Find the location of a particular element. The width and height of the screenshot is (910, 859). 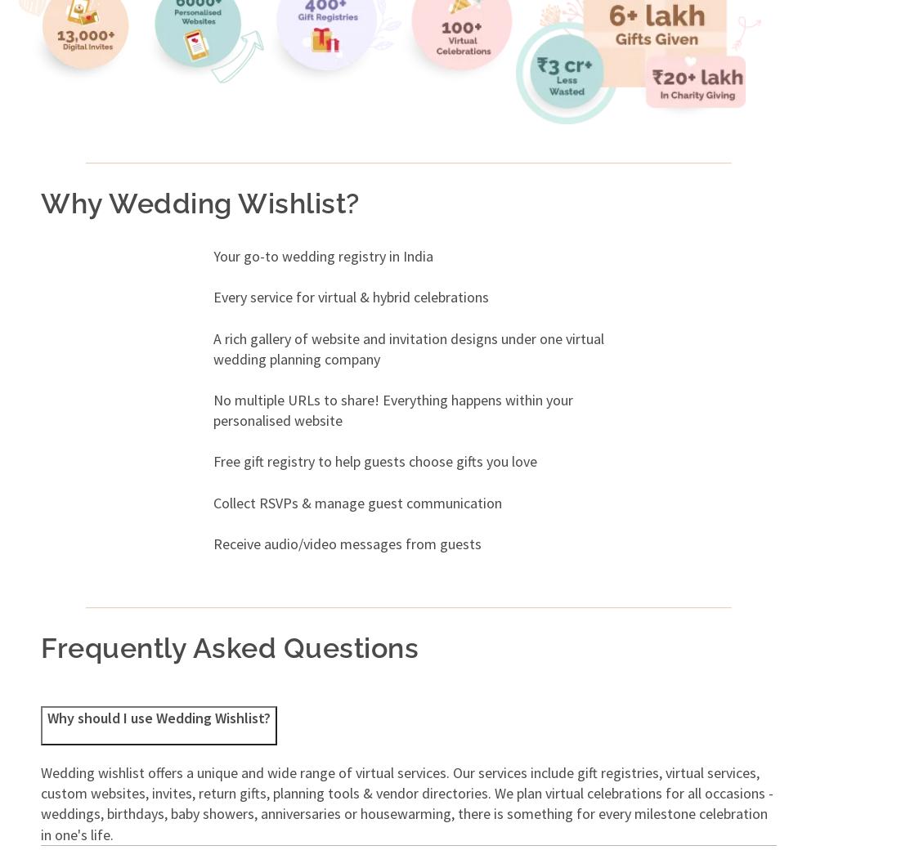

'Frequently Asked Questions' is located at coordinates (229, 646).